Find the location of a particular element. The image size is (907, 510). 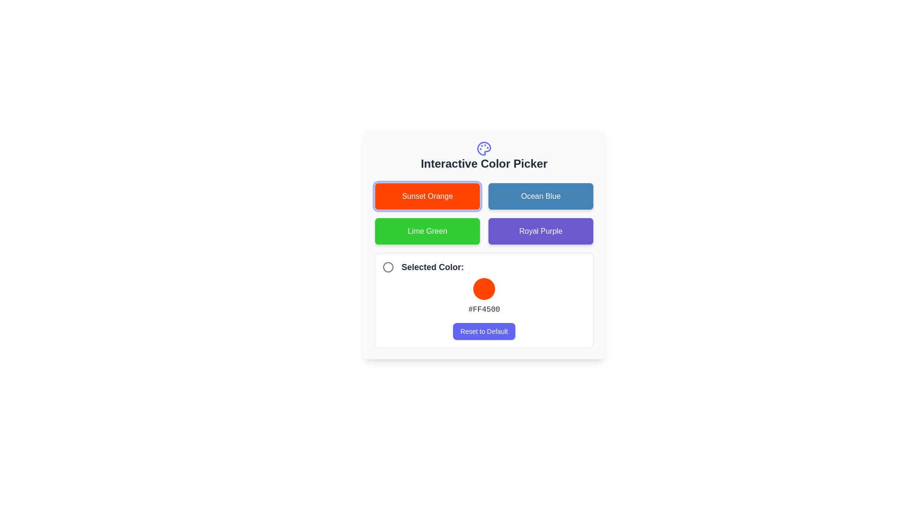

the button labeled 'Sunset Orange' is located at coordinates (427, 196).